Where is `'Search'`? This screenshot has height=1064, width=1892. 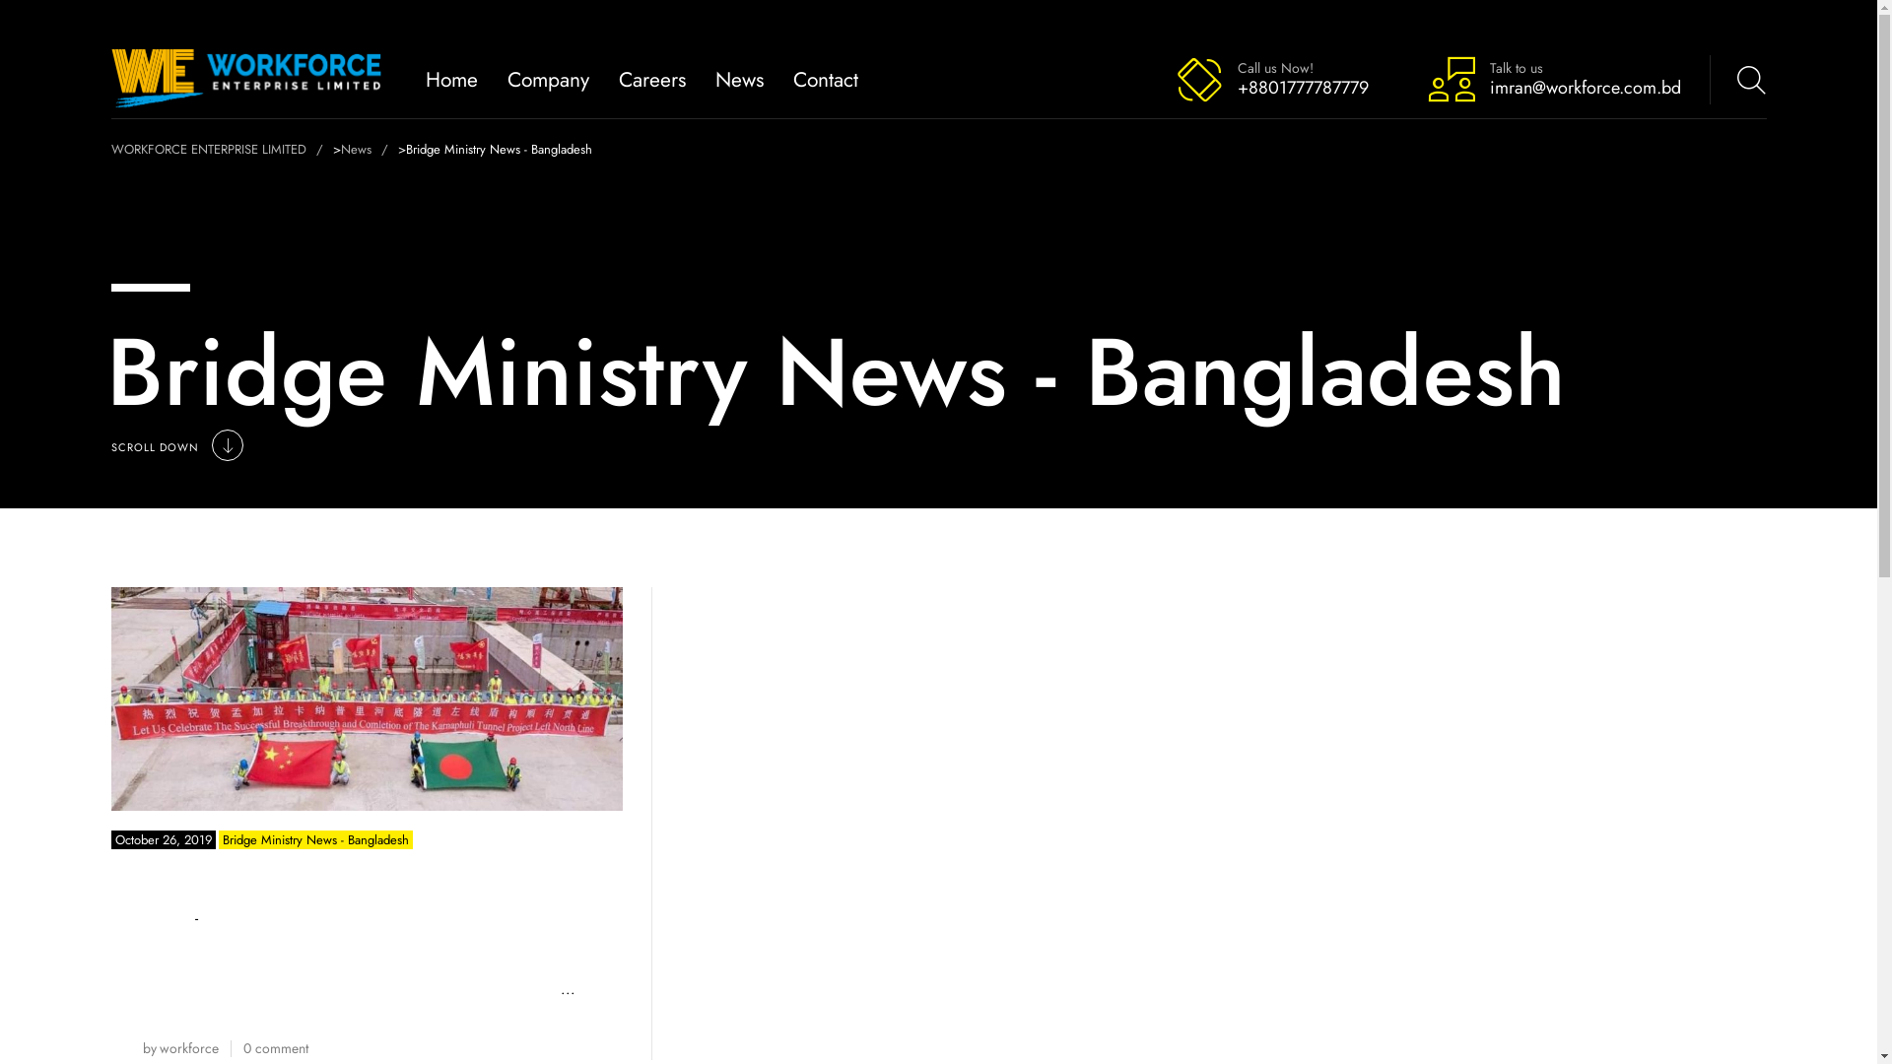 'Search' is located at coordinates (1686, 78).